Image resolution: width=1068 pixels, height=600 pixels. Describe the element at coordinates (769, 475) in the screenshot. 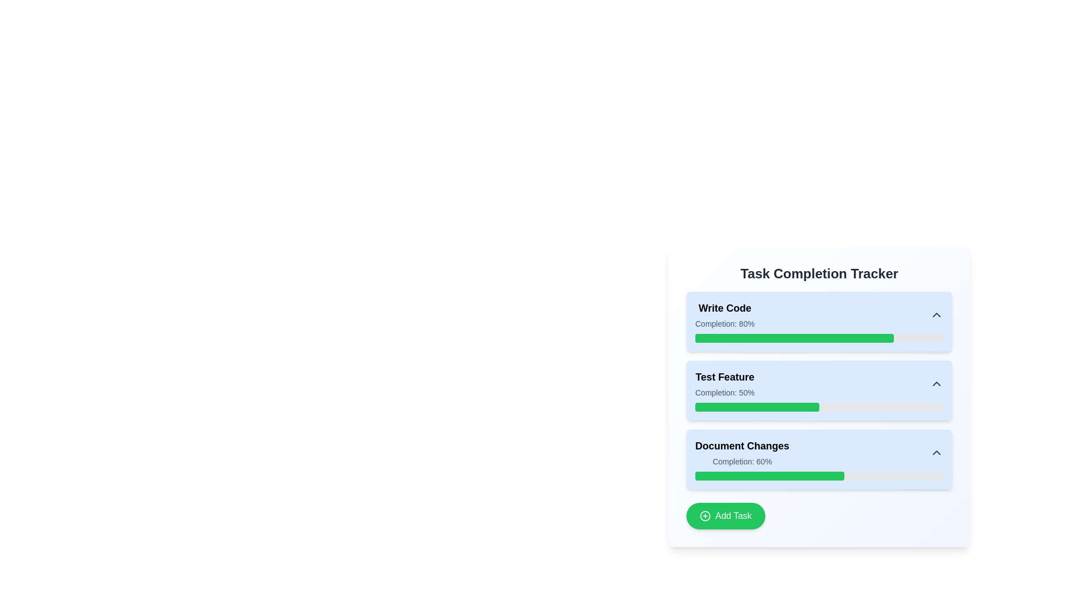

I see `the green segment of the progress bar in the 'Document Changes' section, located in the third card of the 'Task Completion Tracker' interface, which visually represents 60% completion` at that location.